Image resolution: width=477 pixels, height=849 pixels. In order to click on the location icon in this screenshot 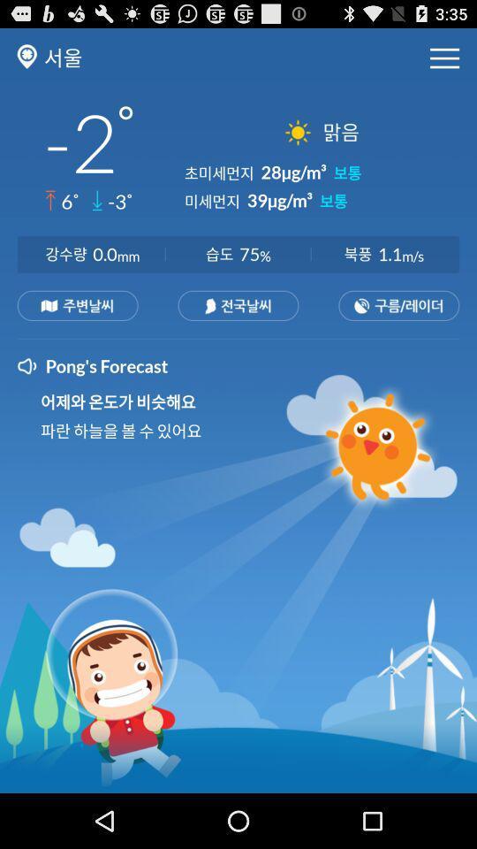, I will do `click(20, 52)`.